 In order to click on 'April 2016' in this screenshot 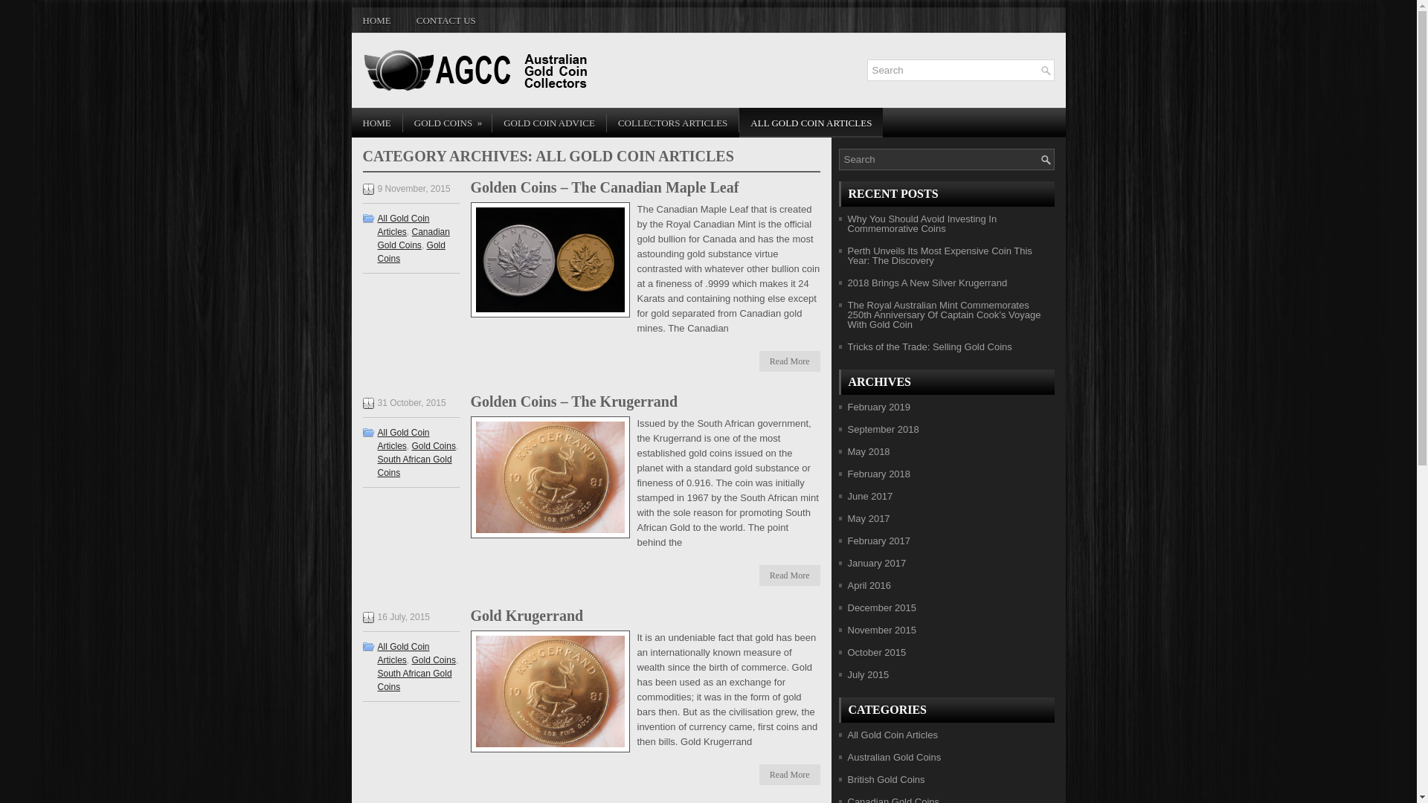, I will do `click(869, 584)`.